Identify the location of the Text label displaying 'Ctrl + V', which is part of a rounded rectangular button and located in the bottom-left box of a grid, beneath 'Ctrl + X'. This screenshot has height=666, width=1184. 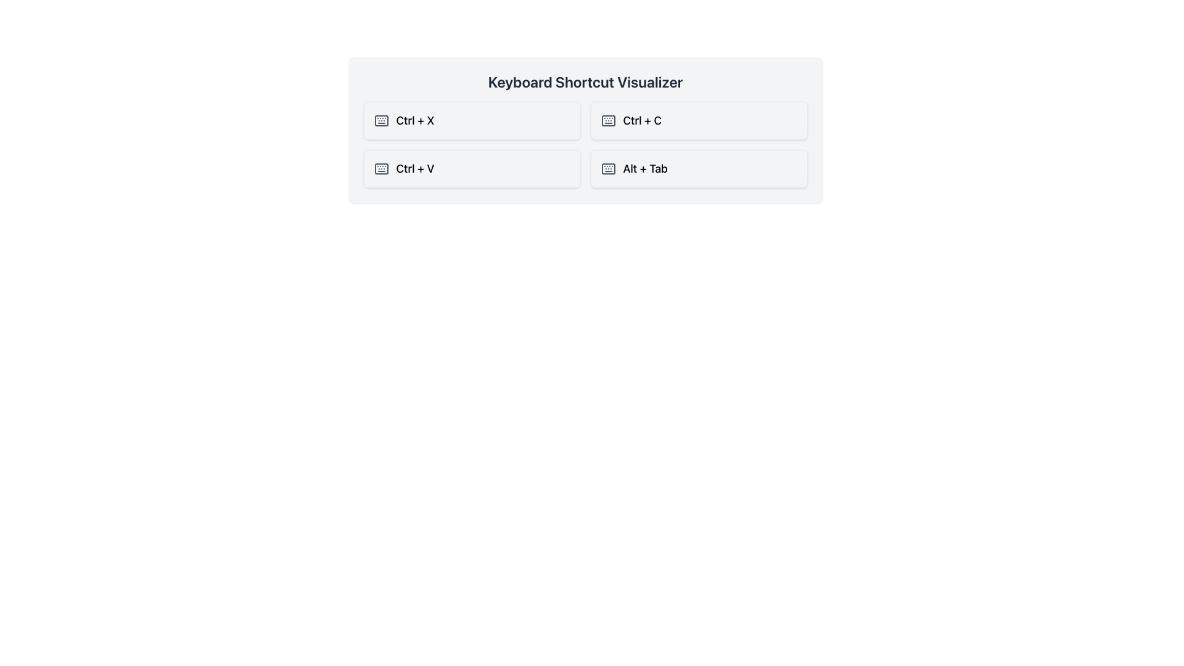
(415, 168).